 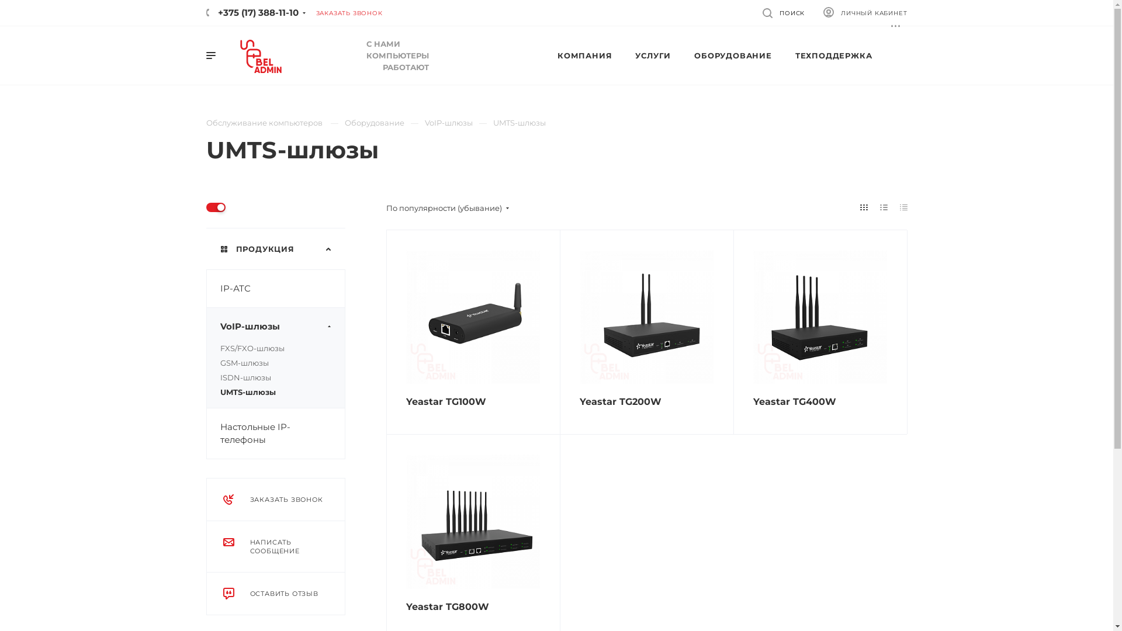 What do you see at coordinates (819, 317) in the screenshot?
I see `'Yeastar TG400W'` at bounding box center [819, 317].